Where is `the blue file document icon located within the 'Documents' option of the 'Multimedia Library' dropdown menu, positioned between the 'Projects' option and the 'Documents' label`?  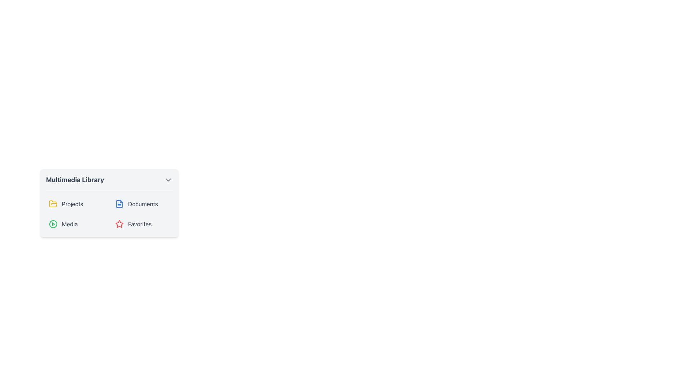
the blue file document icon located within the 'Documents' option of the 'Multimedia Library' dropdown menu, positioned between the 'Projects' option and the 'Documents' label is located at coordinates (119, 204).